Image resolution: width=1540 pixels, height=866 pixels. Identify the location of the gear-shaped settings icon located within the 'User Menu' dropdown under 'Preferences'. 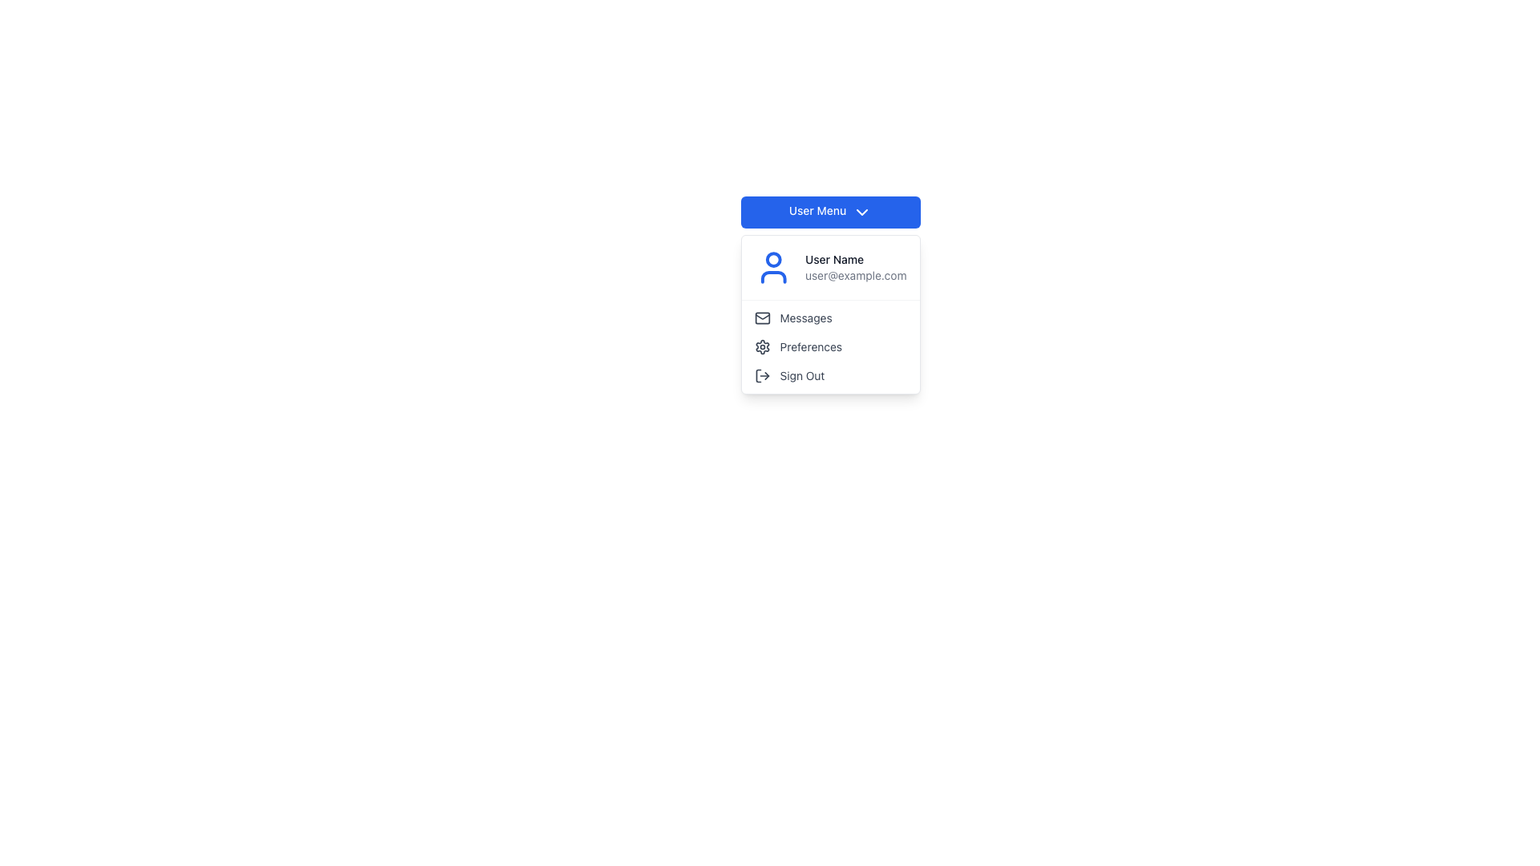
(761, 346).